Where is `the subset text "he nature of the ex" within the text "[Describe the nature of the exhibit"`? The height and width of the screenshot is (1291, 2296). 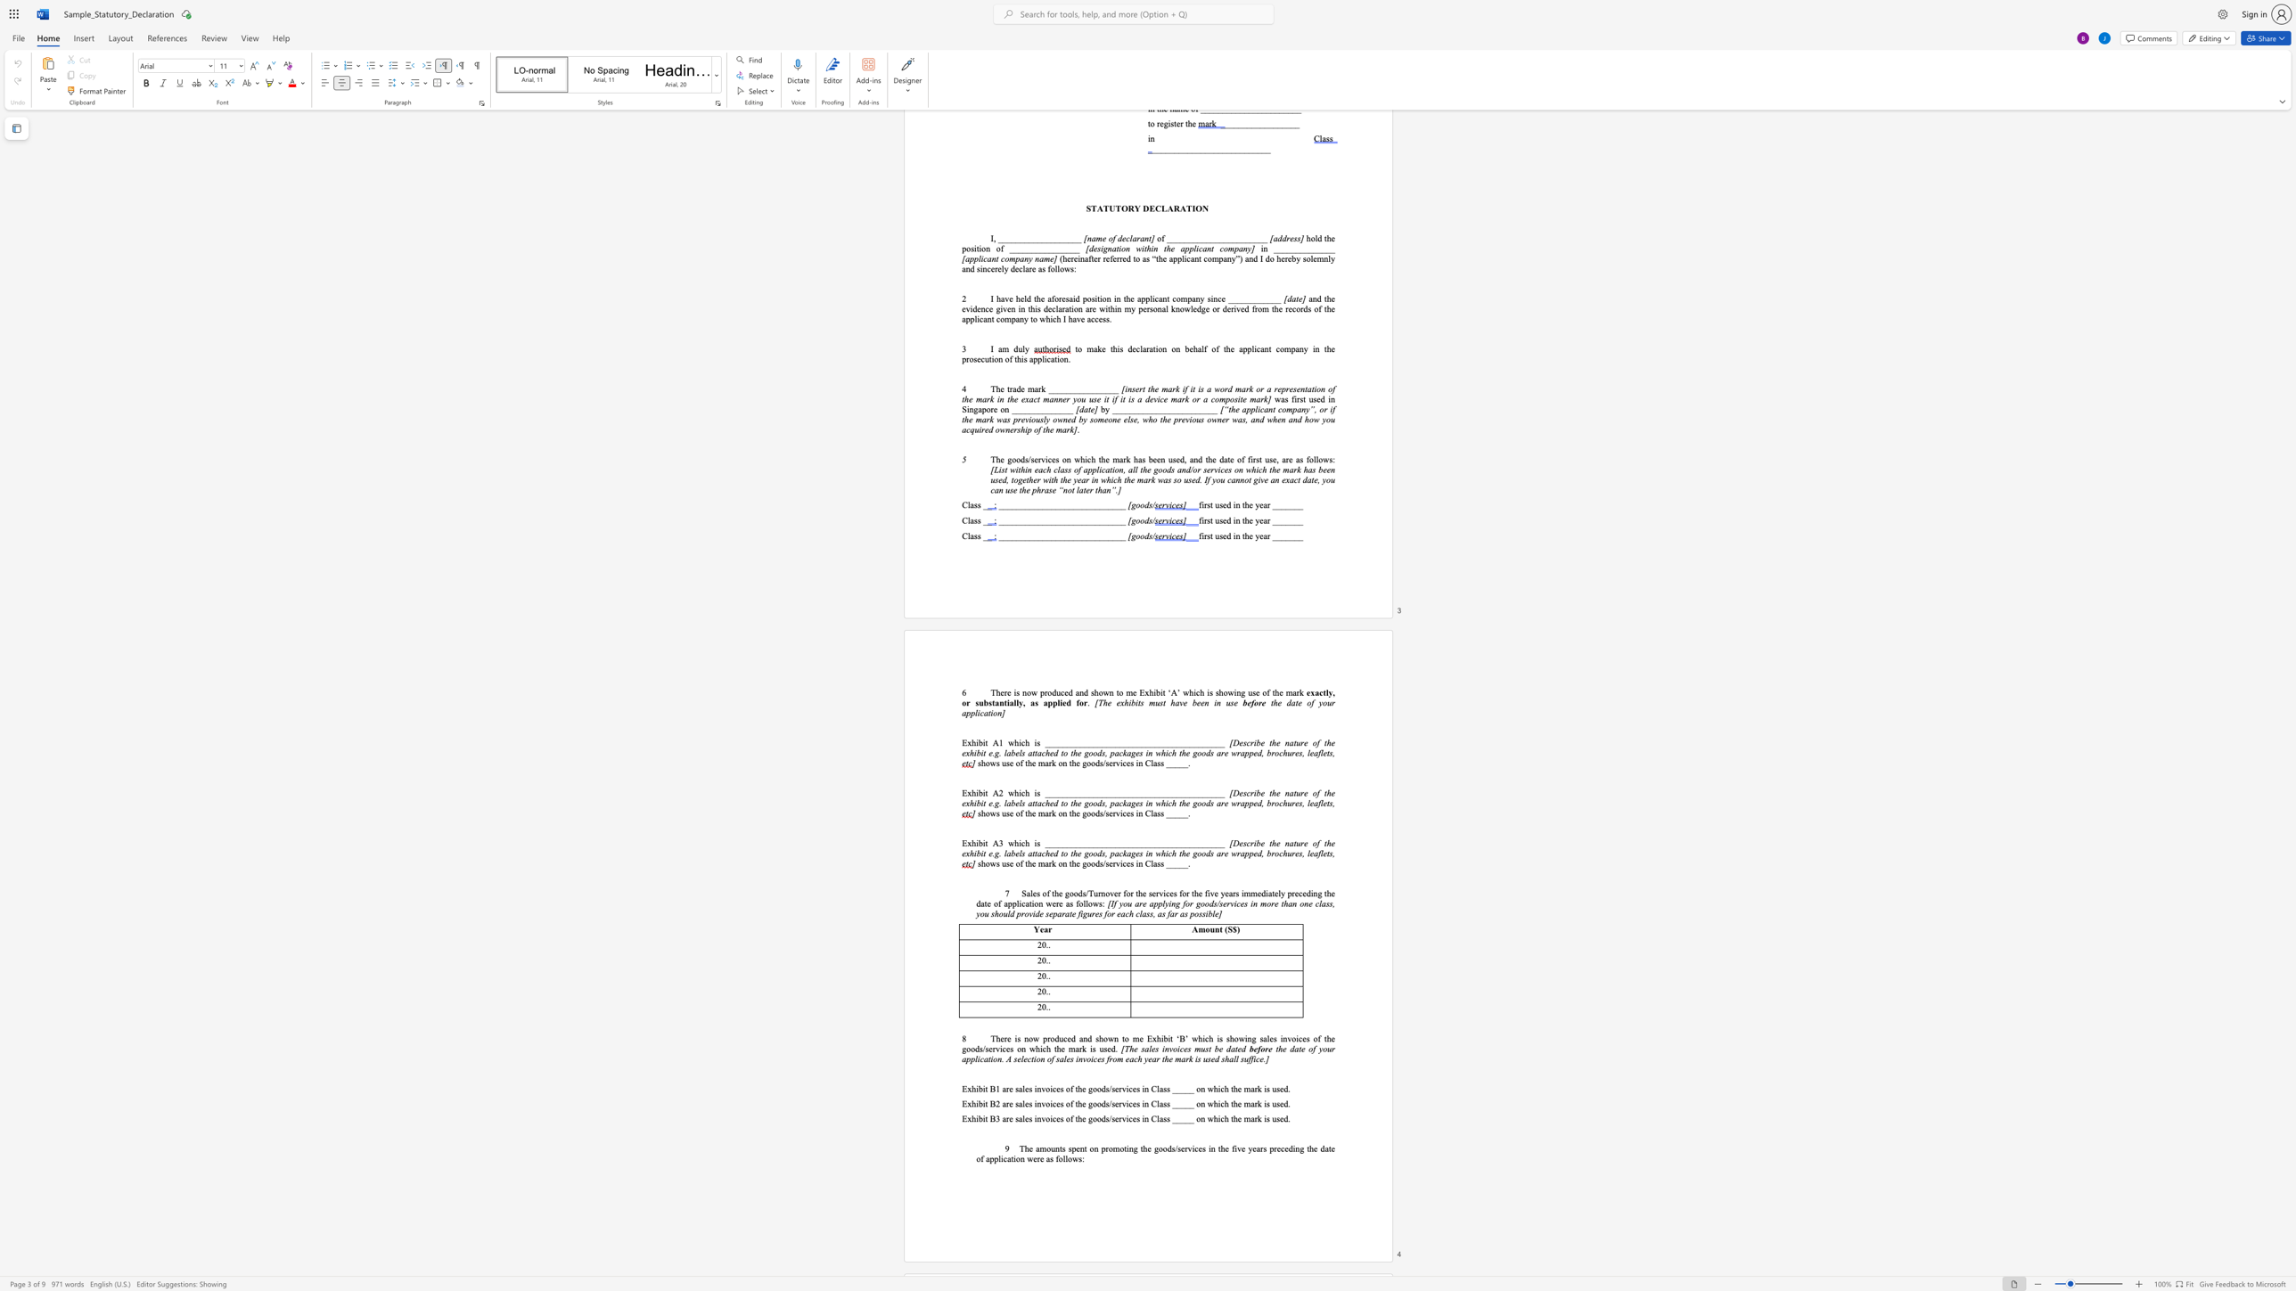 the subset text "he nature of the ex" within the text "[Describe the nature of the exhibit" is located at coordinates (1272, 742).